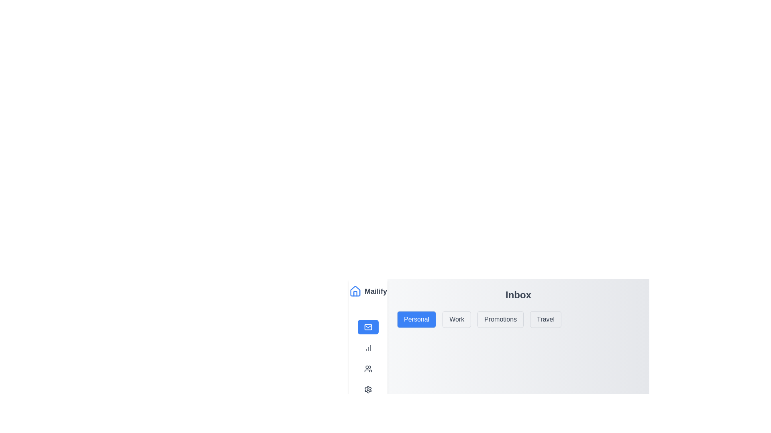  Describe the element at coordinates (375, 291) in the screenshot. I see `text of the 'Mailify' label located in the upper part of the left vertical navigation menu, positioned to the right of the blue house icon` at that location.